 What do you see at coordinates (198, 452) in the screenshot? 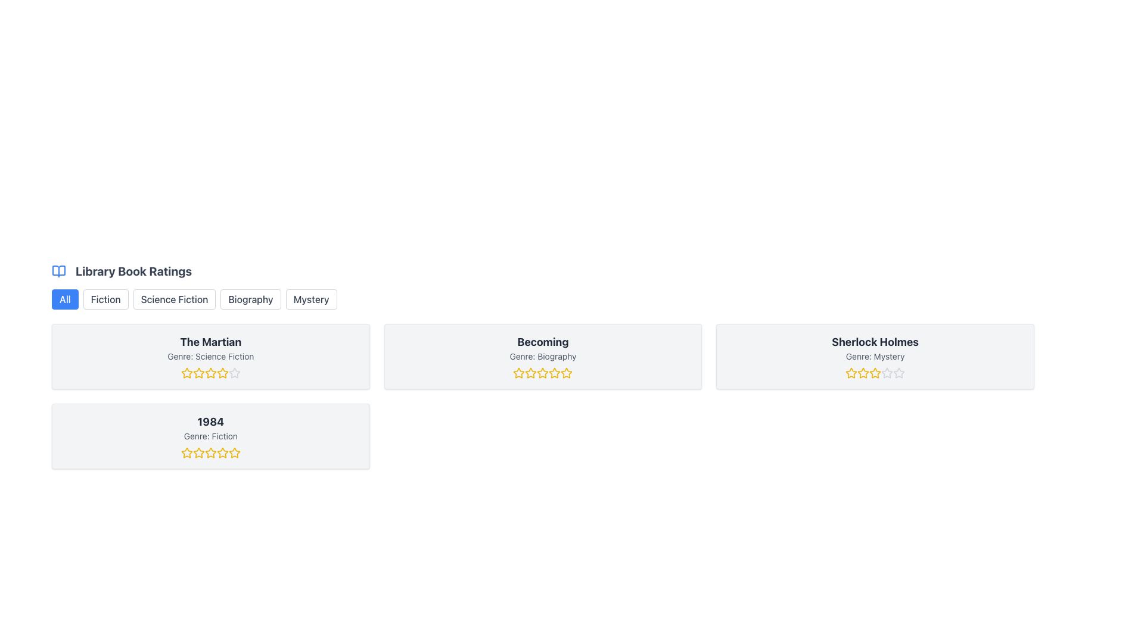
I see `the second star icon in the rating system located below the '1984' book entry` at bounding box center [198, 452].